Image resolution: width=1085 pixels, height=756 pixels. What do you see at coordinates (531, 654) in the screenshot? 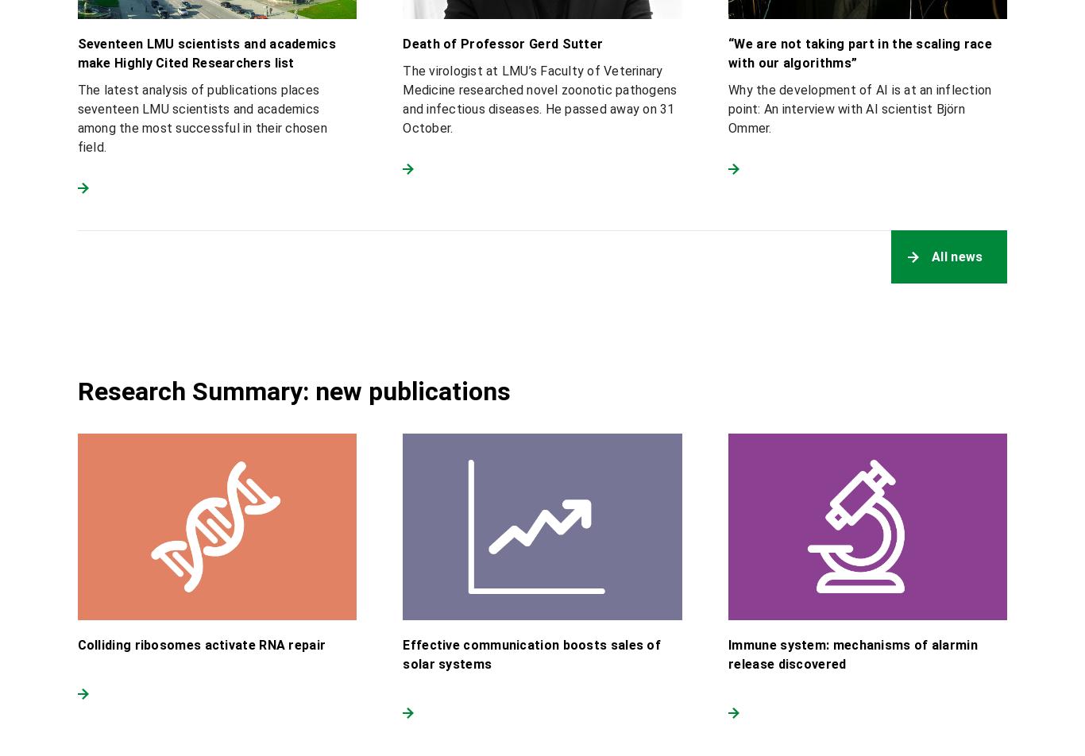
I see `'Effective communication boosts sales of solar systems'` at bounding box center [531, 654].